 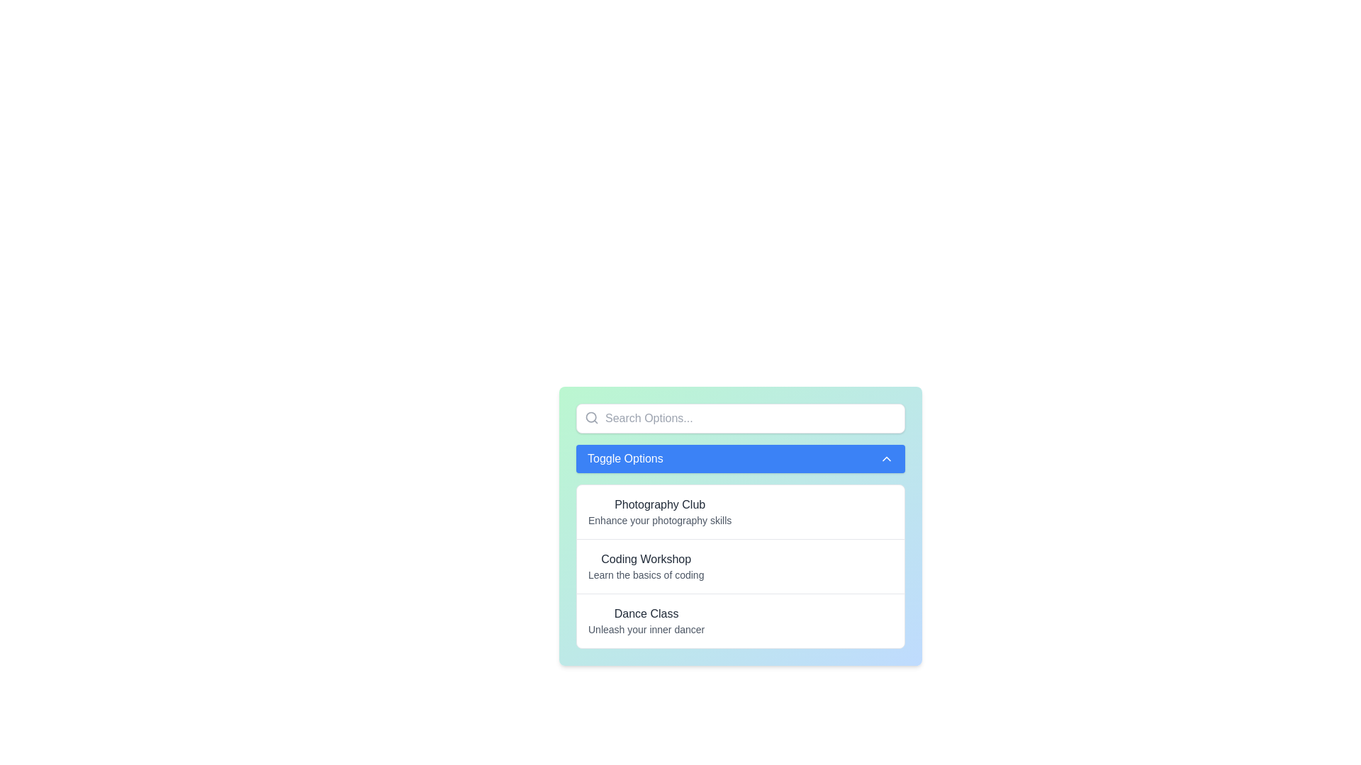 What do you see at coordinates (646, 628) in the screenshot?
I see `the text label reading 'Unleash your inner dancer', which is styled in smaller font size and light gray color, located beneath the title 'Dance Class'` at bounding box center [646, 628].